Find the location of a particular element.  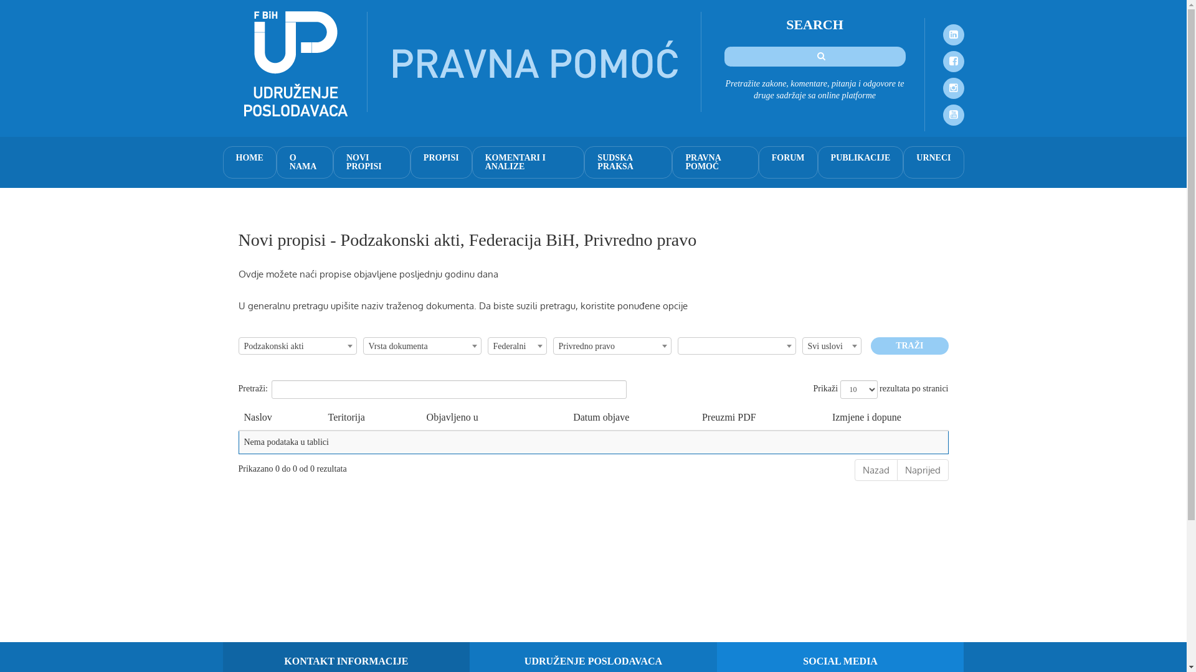

'HOME' is located at coordinates (249, 162).